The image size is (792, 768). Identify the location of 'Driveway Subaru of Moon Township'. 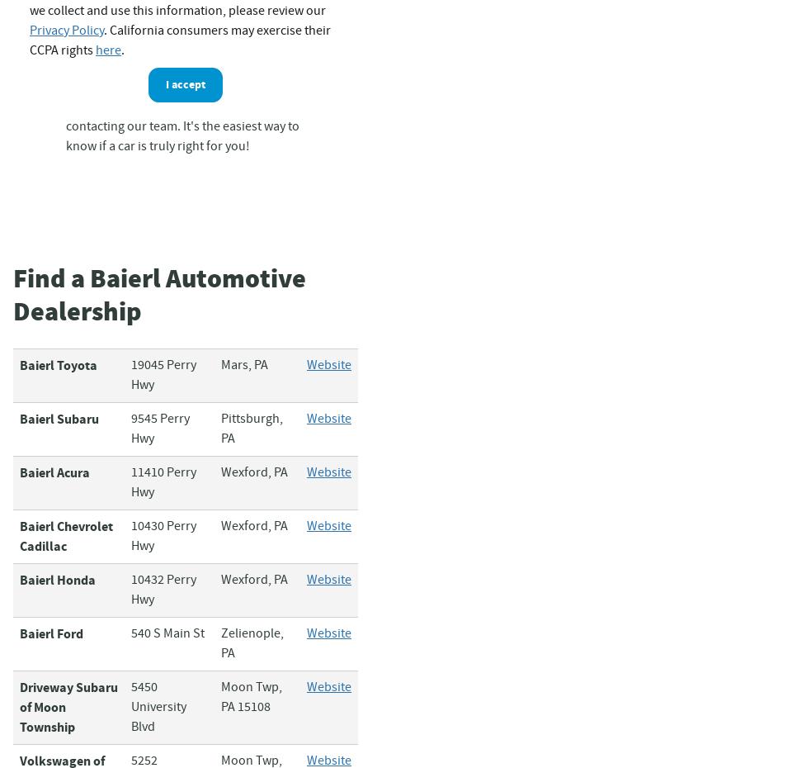
(68, 707).